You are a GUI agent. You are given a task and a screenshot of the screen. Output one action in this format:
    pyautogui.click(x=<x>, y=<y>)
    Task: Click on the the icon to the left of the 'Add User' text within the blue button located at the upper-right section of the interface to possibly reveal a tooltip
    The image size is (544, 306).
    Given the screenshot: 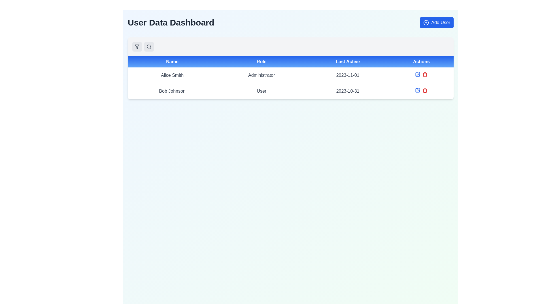 What is the action you would take?
    pyautogui.click(x=426, y=22)
    